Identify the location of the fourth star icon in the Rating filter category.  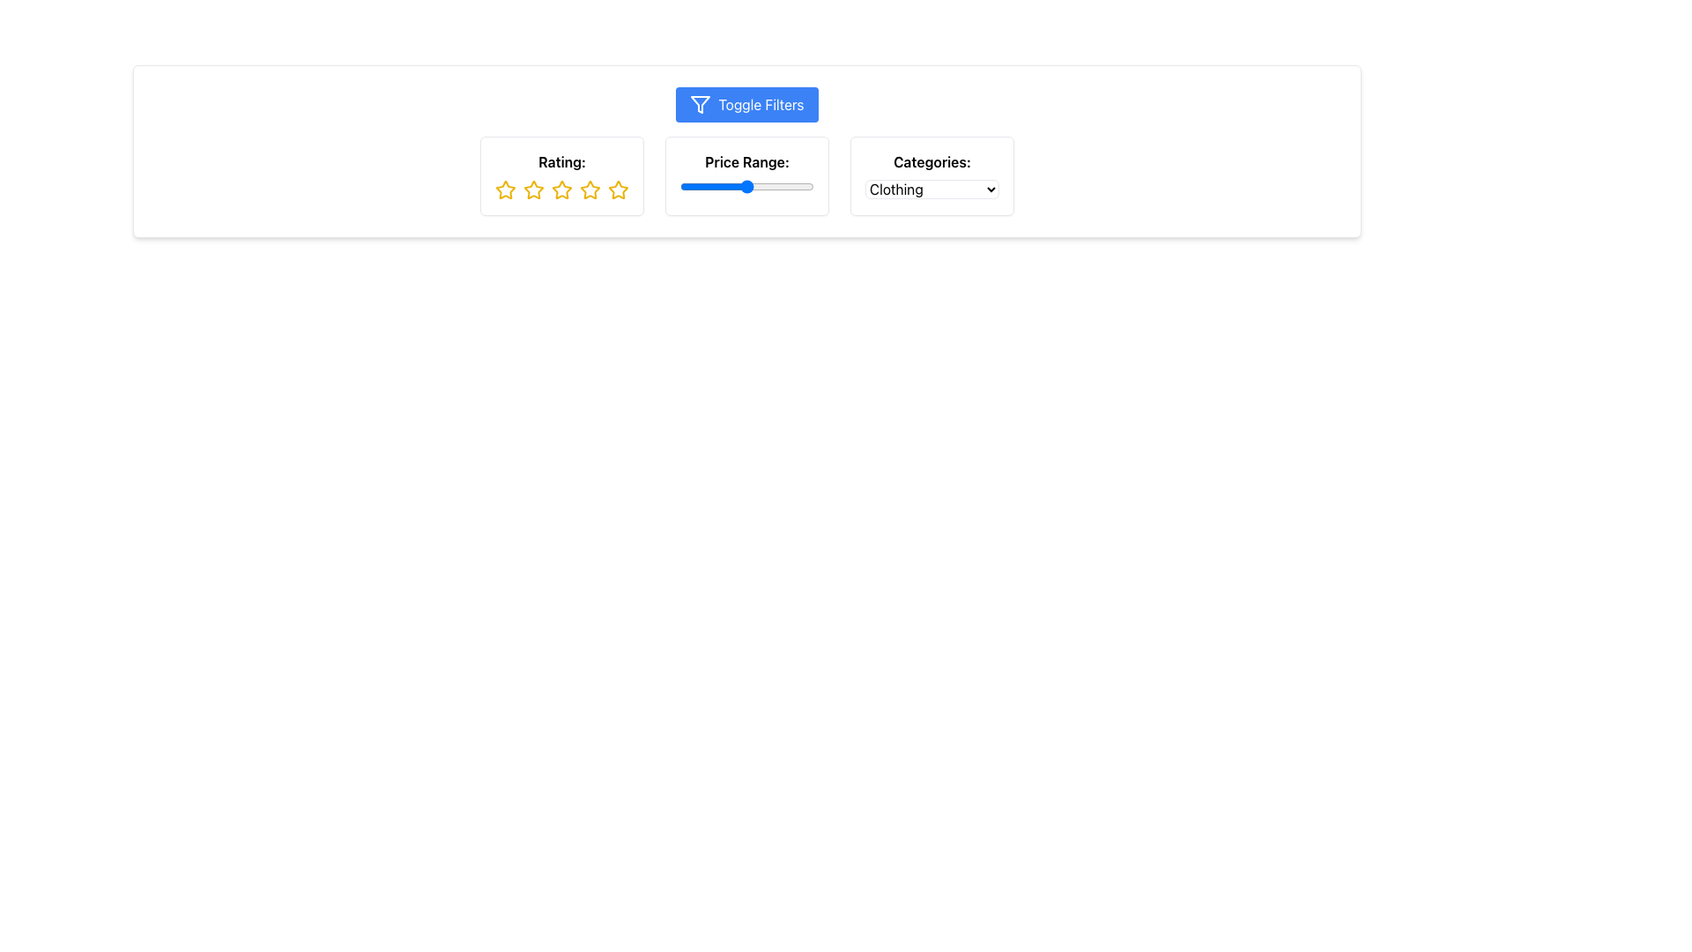
(590, 190).